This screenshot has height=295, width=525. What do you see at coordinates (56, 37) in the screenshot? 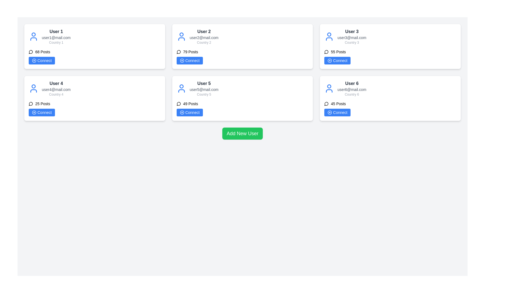
I see `the text displaying the email address of 'User 1', positioned below 'User 1' and above 'Country 1' in the top-left card of the grid layout` at bounding box center [56, 37].